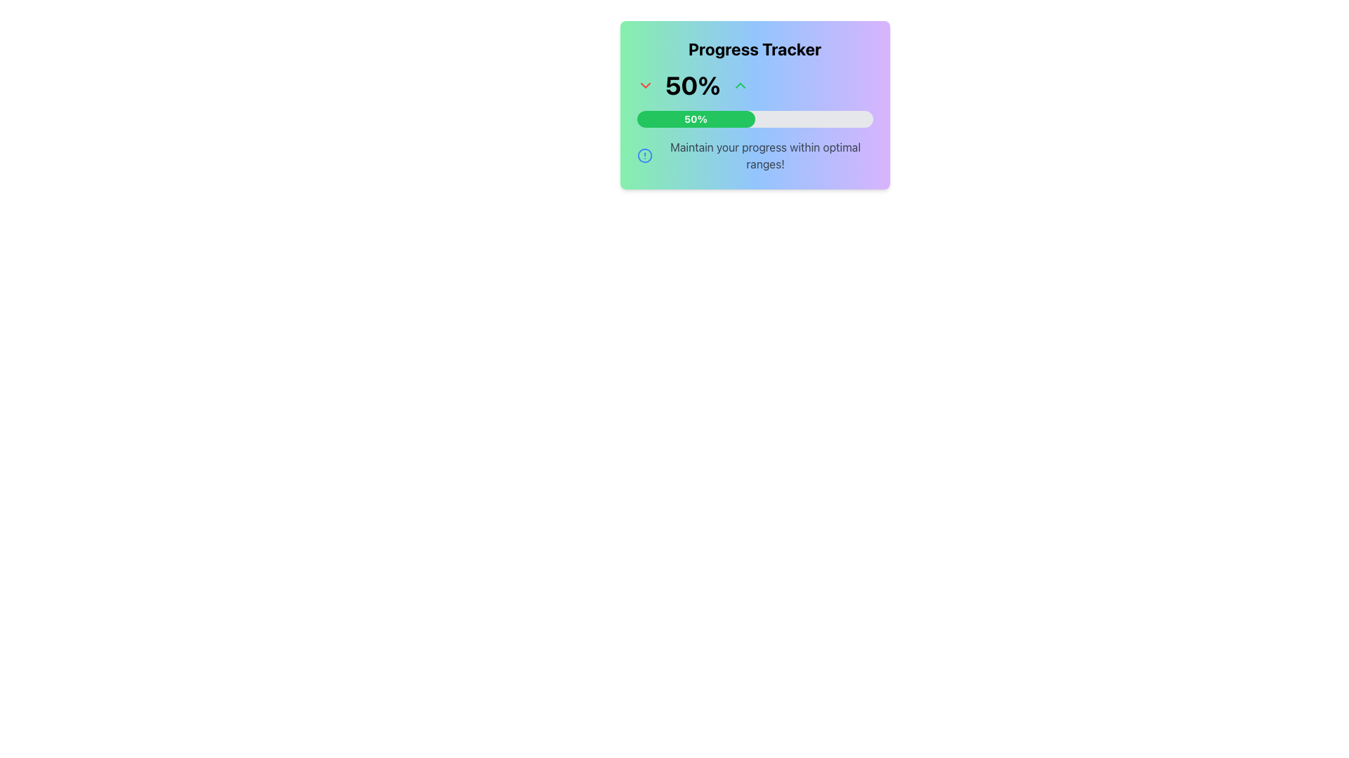  Describe the element at coordinates (644, 156) in the screenshot. I see `the blue circular icon with a hollow border containing an alert sign, located at the bottom left corner of the 'Maintain your progress within optimal ranges!' text` at that location.